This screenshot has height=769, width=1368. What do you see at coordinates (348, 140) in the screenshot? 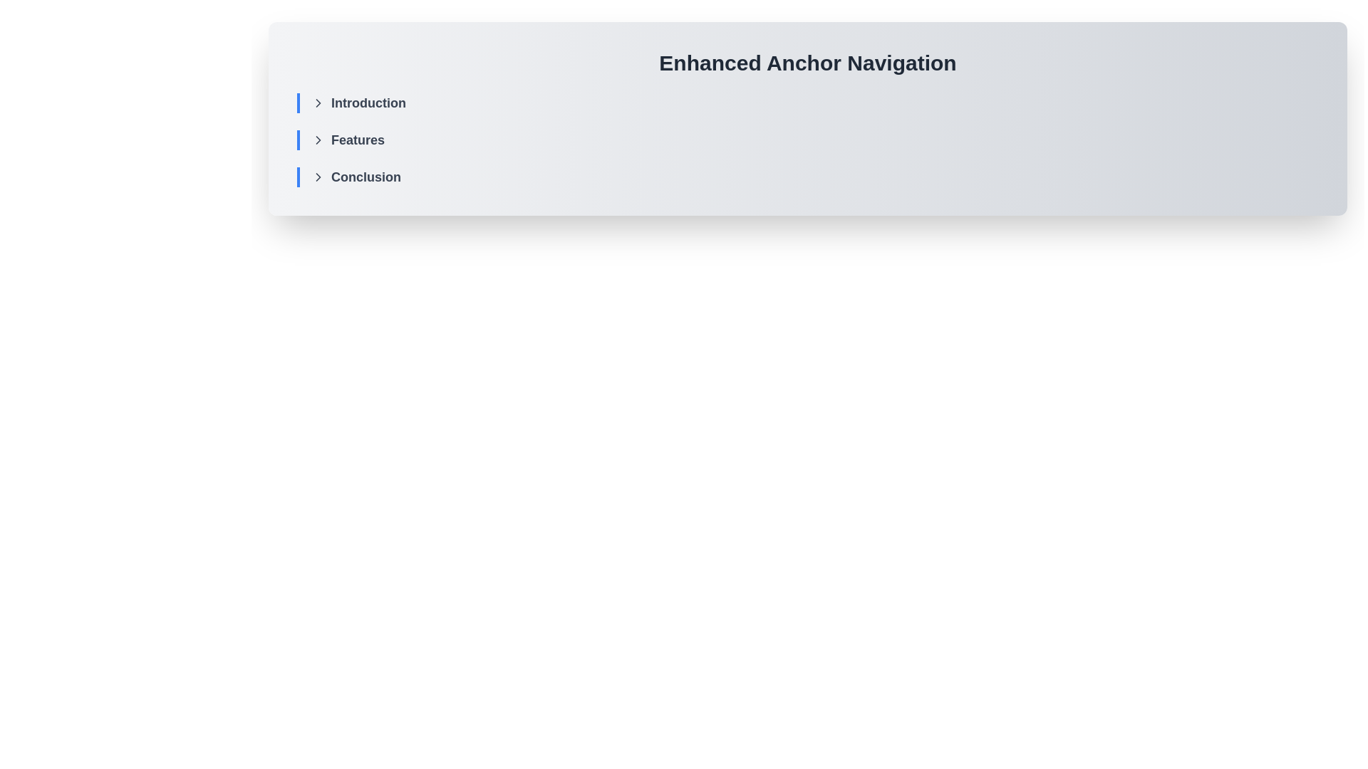
I see `the interactive text link with accompanying icon` at bounding box center [348, 140].